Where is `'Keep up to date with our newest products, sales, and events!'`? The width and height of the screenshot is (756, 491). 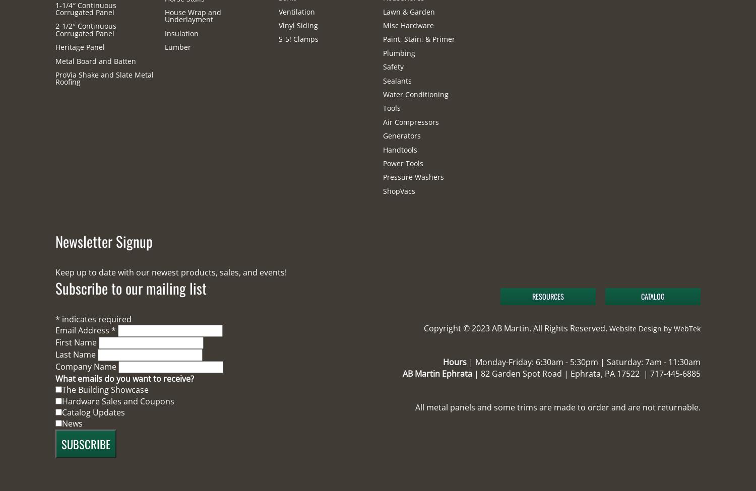 'Keep up to date with our newest products, sales, and events!' is located at coordinates (170, 271).